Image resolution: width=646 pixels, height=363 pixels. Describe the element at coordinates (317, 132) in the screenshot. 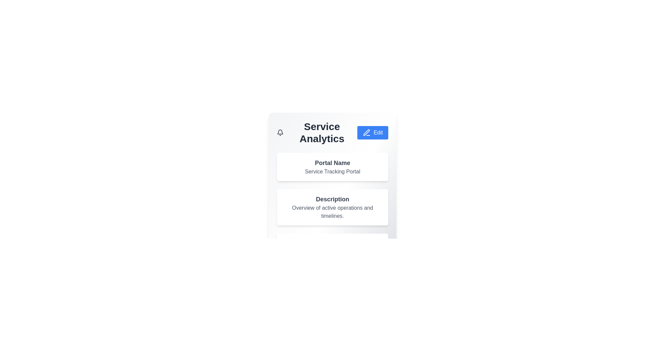

I see `the header text element that displays 'Service Analytics', located at the top-center of the interface` at that location.